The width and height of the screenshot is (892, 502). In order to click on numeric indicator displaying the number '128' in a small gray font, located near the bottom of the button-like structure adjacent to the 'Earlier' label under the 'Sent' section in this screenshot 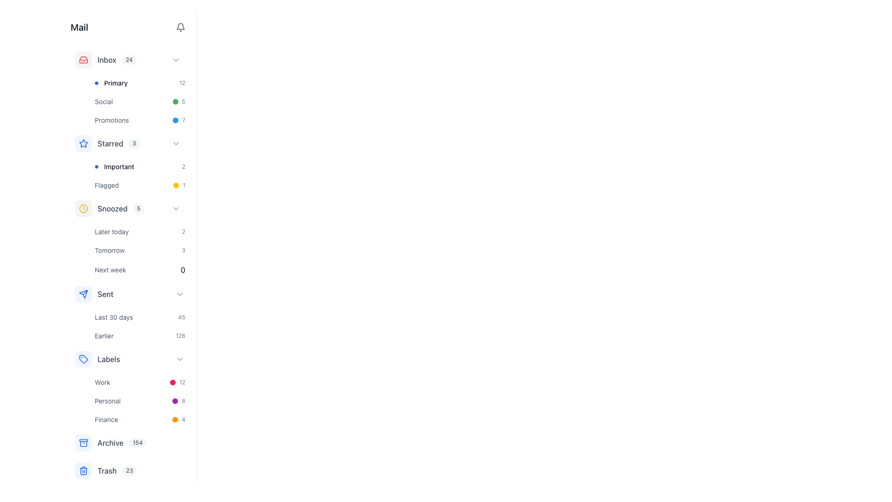, I will do `click(180, 336)`.